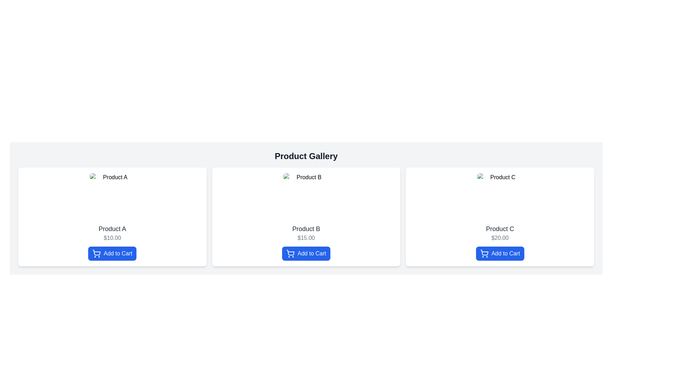 The image size is (677, 381). Describe the element at coordinates (291, 252) in the screenshot. I see `the 'Add to Cart' button that contains the shopping cart icon for 'Product B'` at that location.